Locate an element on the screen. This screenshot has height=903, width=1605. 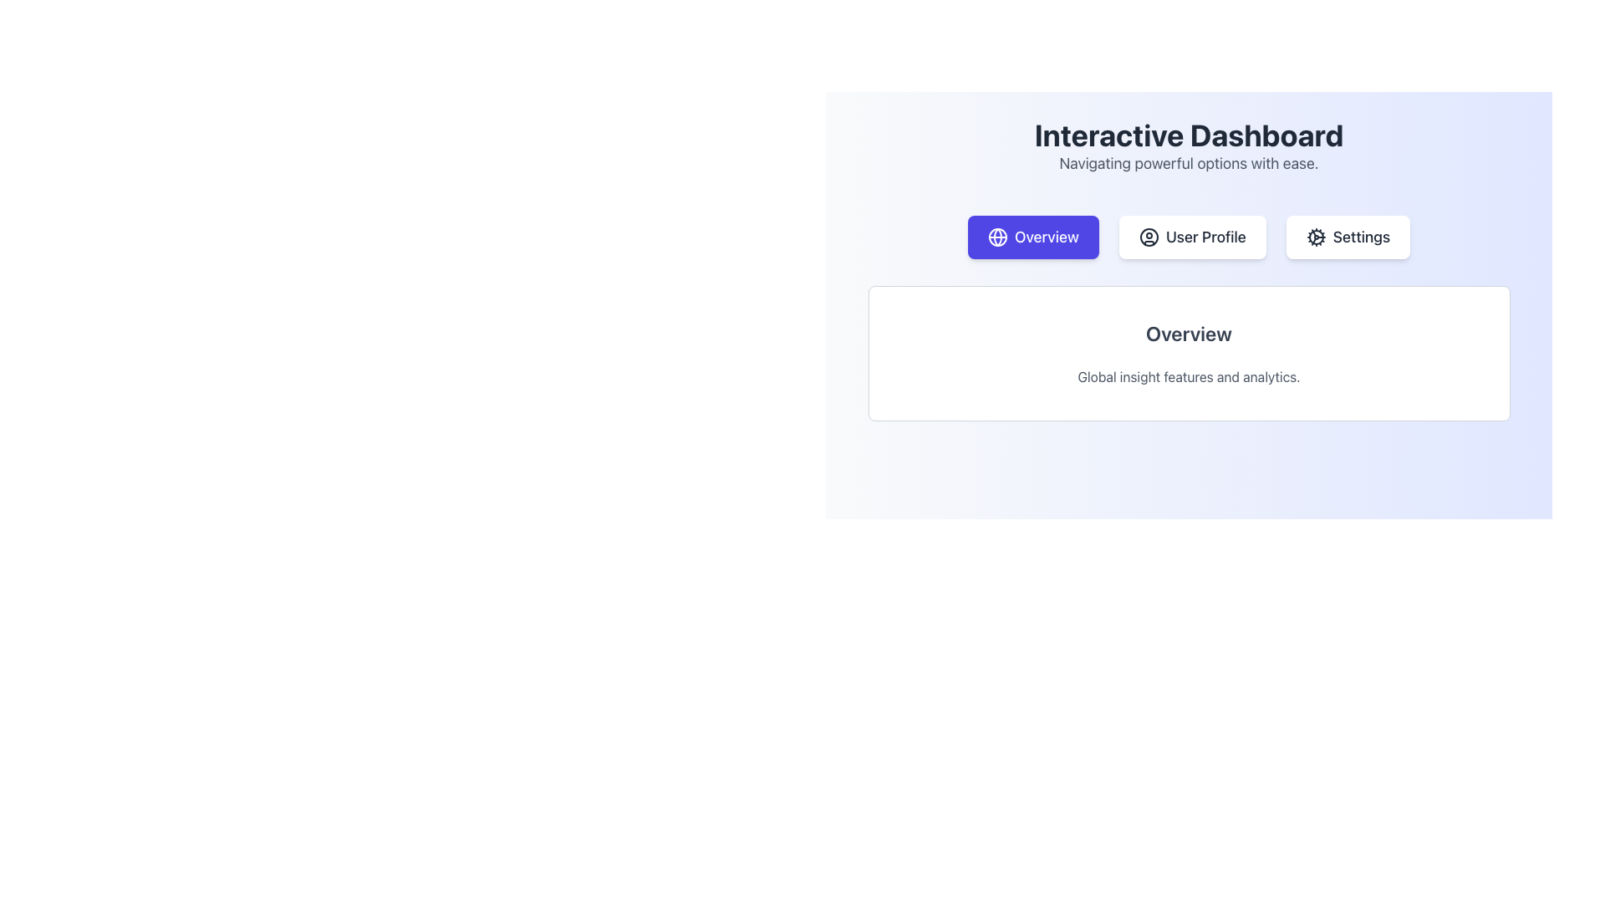
the circular outer component of the cogwheel icon within the Settings button, which is located in the top-right of the interface is located at coordinates (1315, 237).